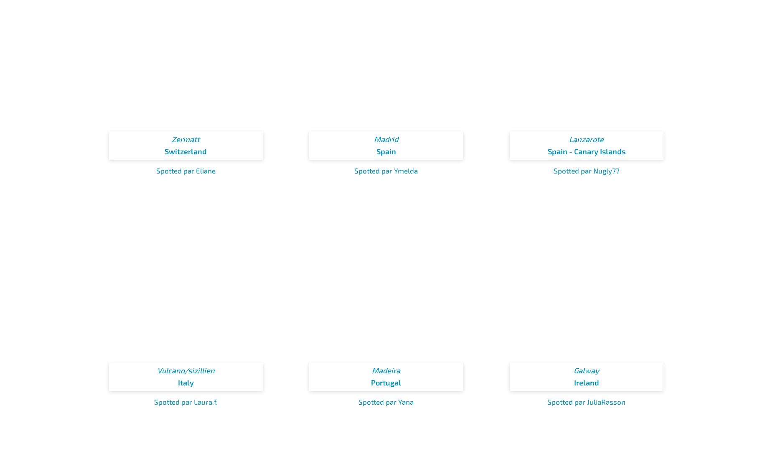 The width and height of the screenshot is (773, 449). I want to click on 'Ireland', so click(573, 381).